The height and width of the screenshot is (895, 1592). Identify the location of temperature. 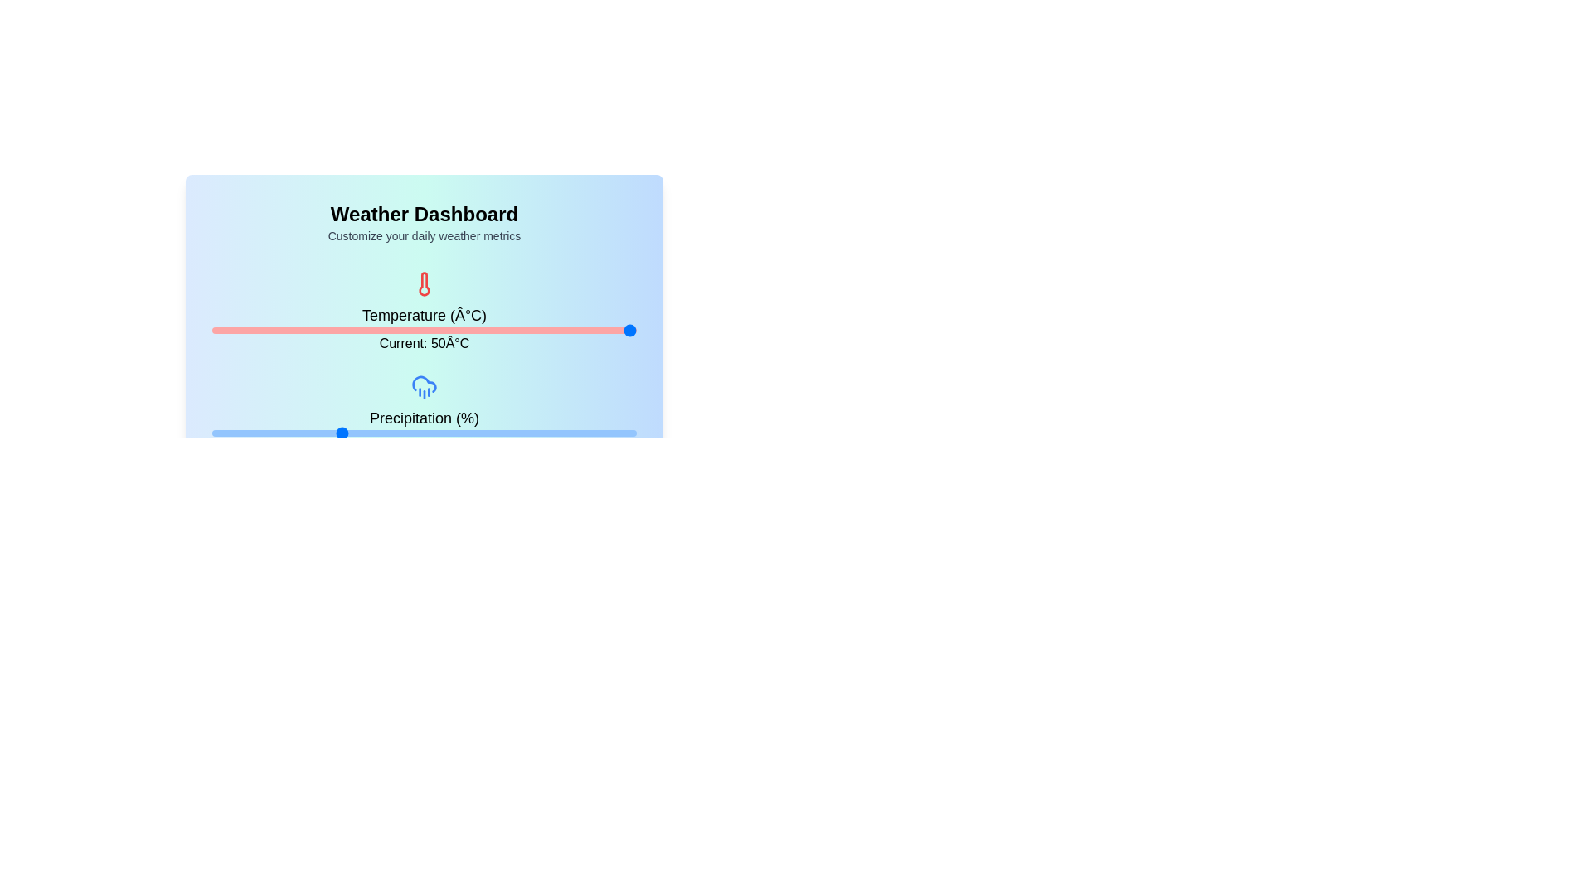
(611, 330).